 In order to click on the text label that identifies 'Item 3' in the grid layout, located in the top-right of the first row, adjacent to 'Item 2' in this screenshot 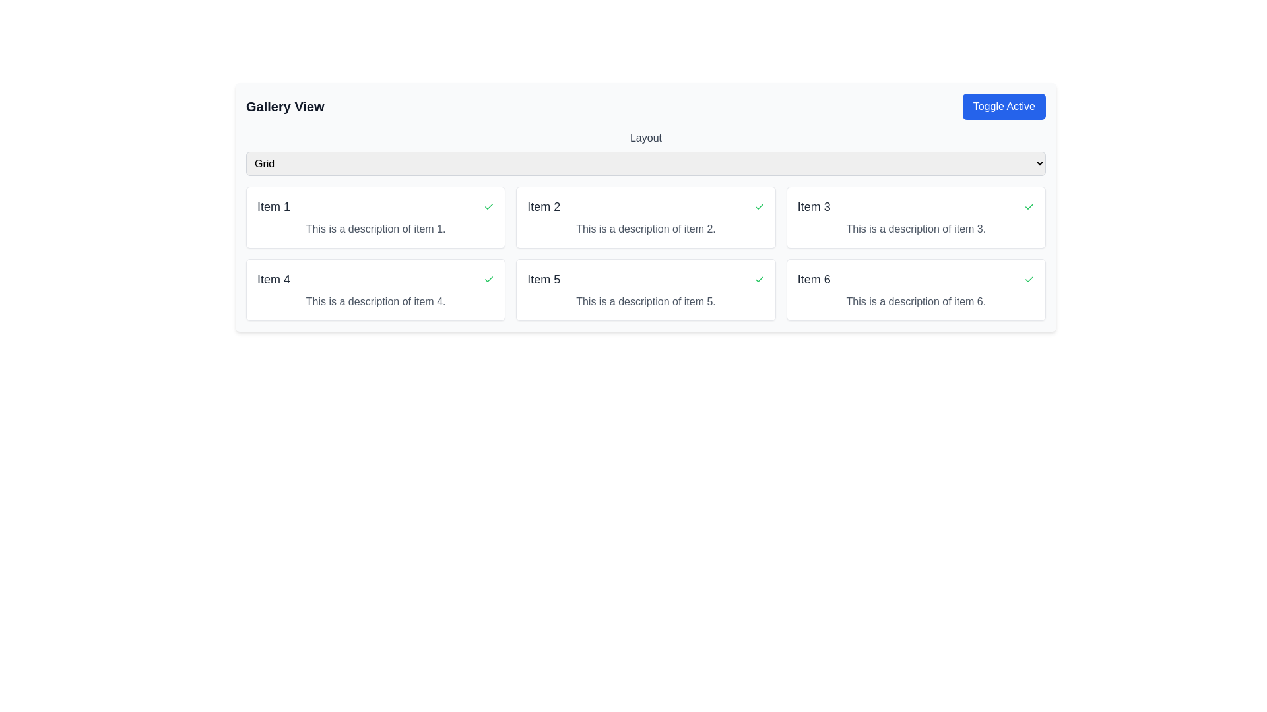, I will do `click(813, 206)`.